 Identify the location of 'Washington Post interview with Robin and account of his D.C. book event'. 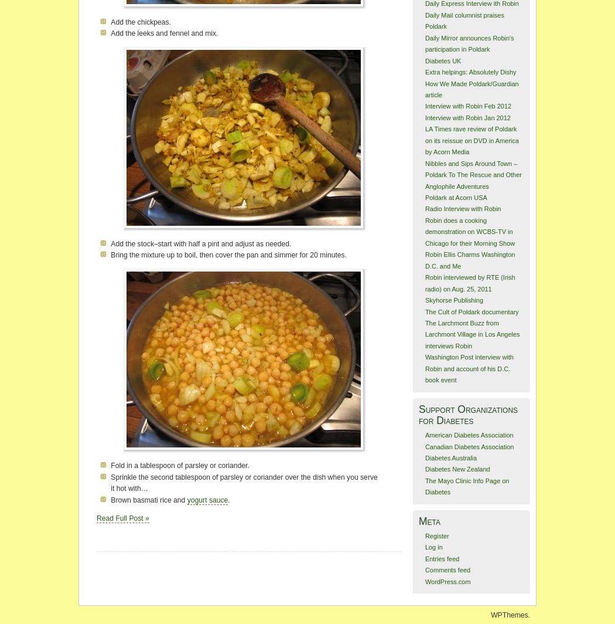
(468, 368).